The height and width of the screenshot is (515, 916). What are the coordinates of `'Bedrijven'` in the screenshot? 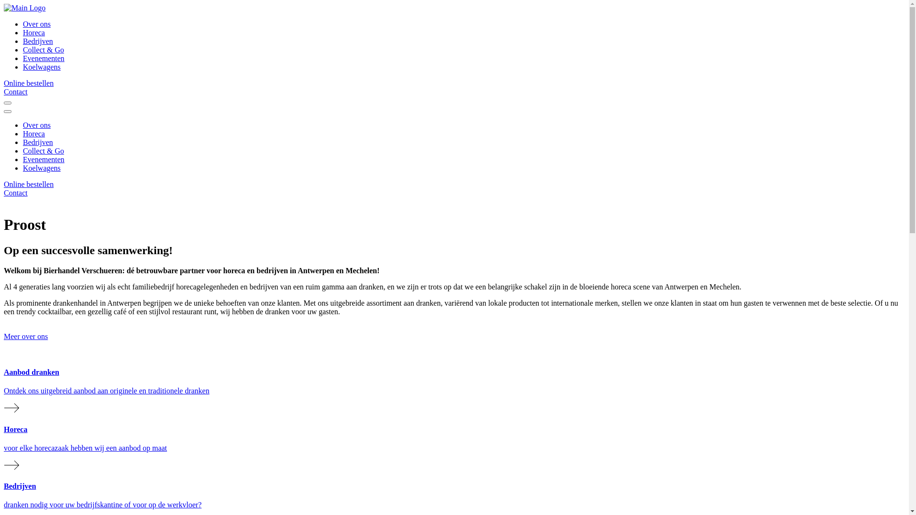 It's located at (38, 41).